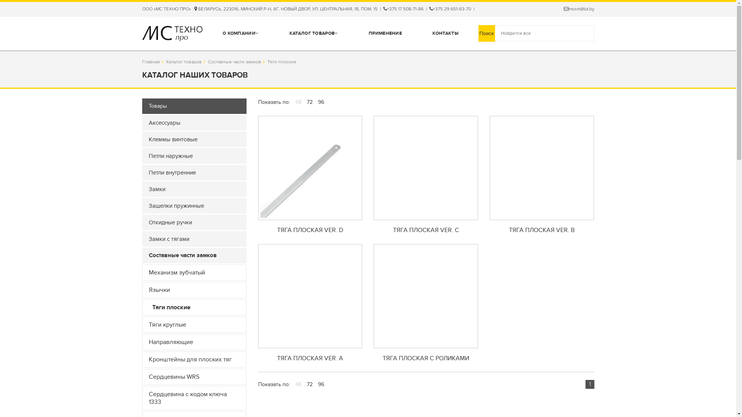 The image size is (742, 417). Describe the element at coordinates (579, 9) in the screenshot. I see `'mssm@tut.by'` at that location.